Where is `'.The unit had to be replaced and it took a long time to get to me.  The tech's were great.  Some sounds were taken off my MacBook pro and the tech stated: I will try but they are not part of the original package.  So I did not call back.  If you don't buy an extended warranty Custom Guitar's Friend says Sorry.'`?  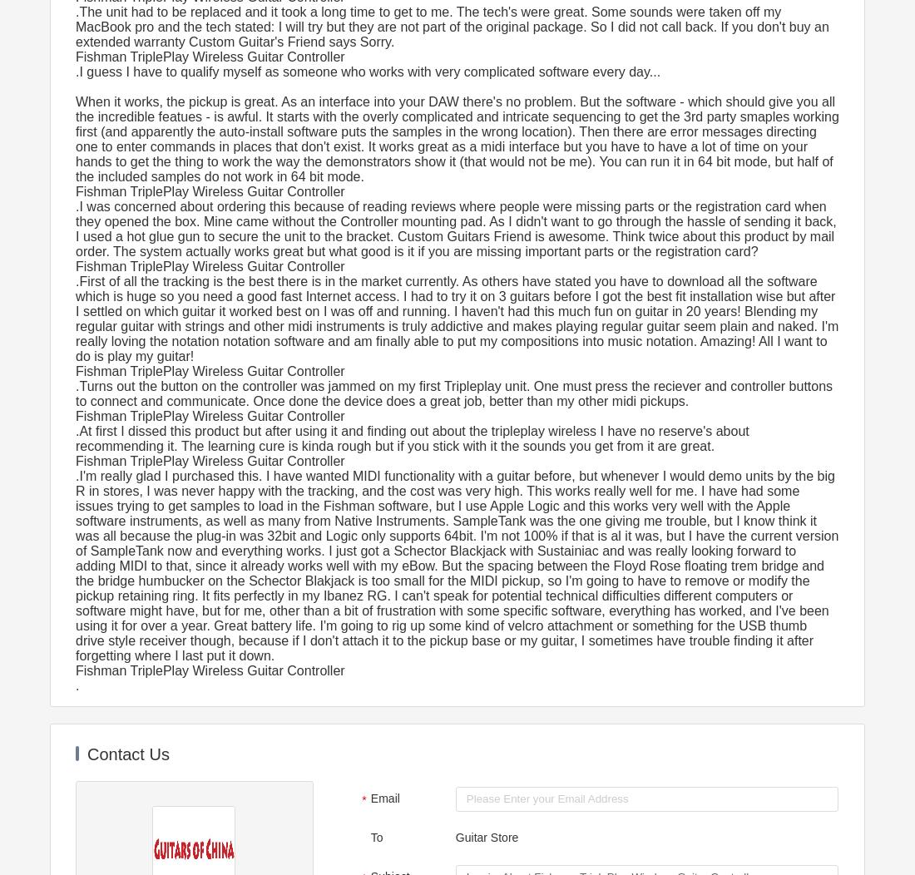 '.The unit had to be replaced and it took a long time to get to me.  The tech's were great.  Some sounds were taken off my MacBook pro and the tech stated: I will try but they are not part of the original package.  So I did not call back.  If you don't buy an extended warranty Custom Guitar's Friend says Sorry.' is located at coordinates (452, 27).